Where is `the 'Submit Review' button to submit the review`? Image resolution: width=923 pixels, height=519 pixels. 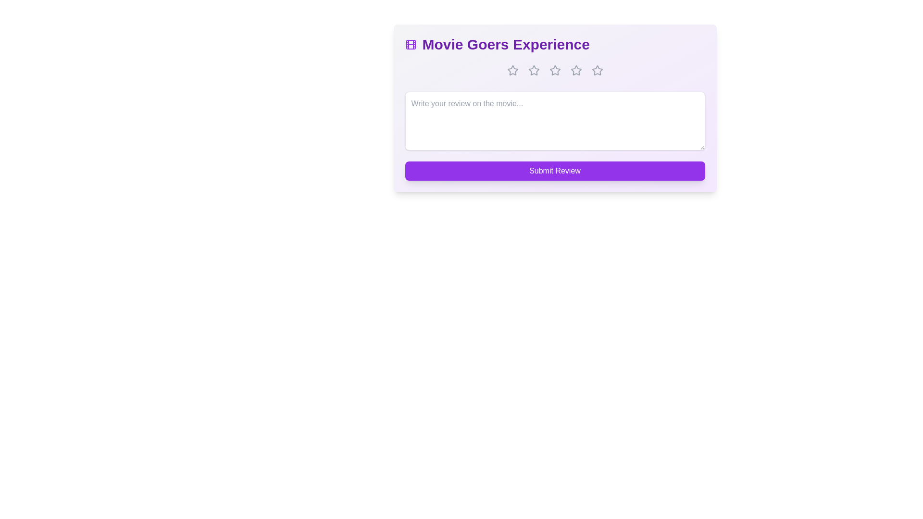
the 'Submit Review' button to submit the review is located at coordinates (555, 170).